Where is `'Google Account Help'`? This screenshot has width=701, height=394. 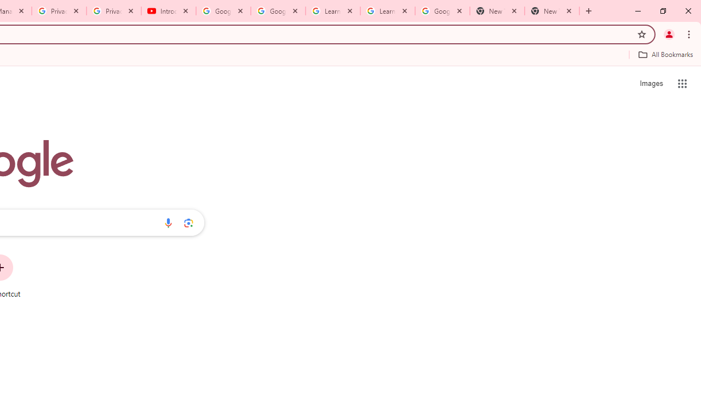
'Google Account Help' is located at coordinates (278, 11).